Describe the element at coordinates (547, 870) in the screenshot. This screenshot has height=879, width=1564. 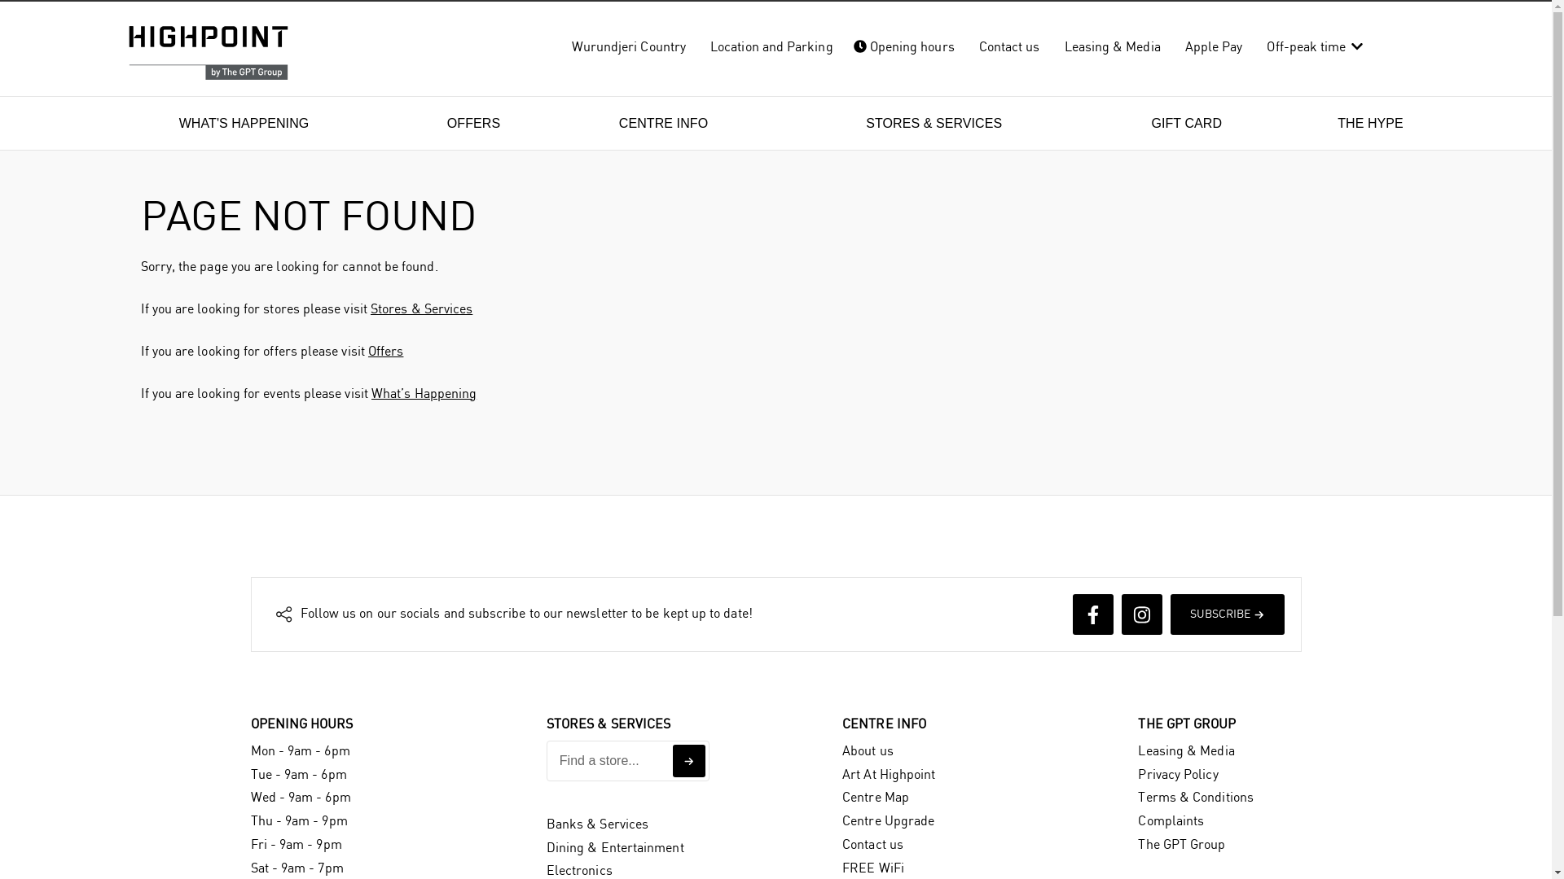
I see `'Electronics'` at that location.